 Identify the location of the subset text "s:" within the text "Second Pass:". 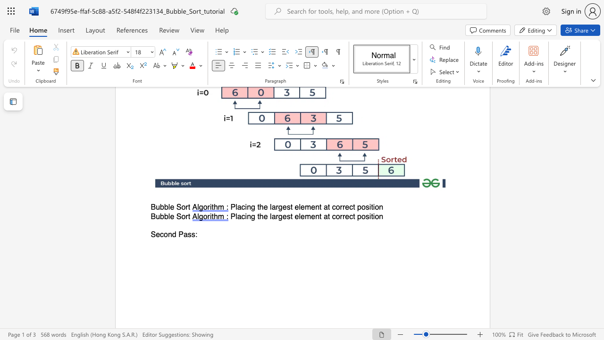
(191, 234).